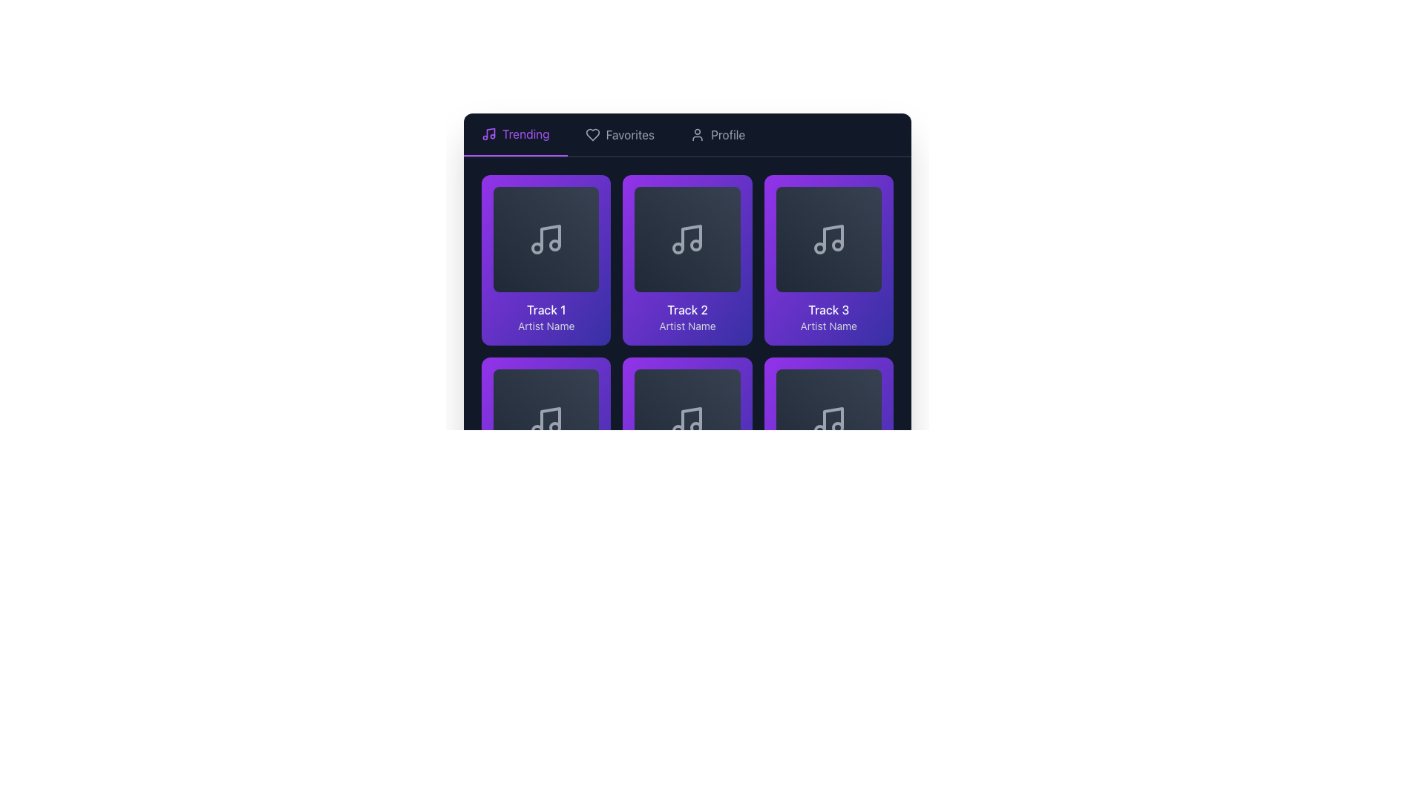 The image size is (1425, 801). What do you see at coordinates (695, 245) in the screenshot?
I see `the decorative circular graphical icon element within the music note icon in the second tile ('Track 2') of the grid` at bounding box center [695, 245].